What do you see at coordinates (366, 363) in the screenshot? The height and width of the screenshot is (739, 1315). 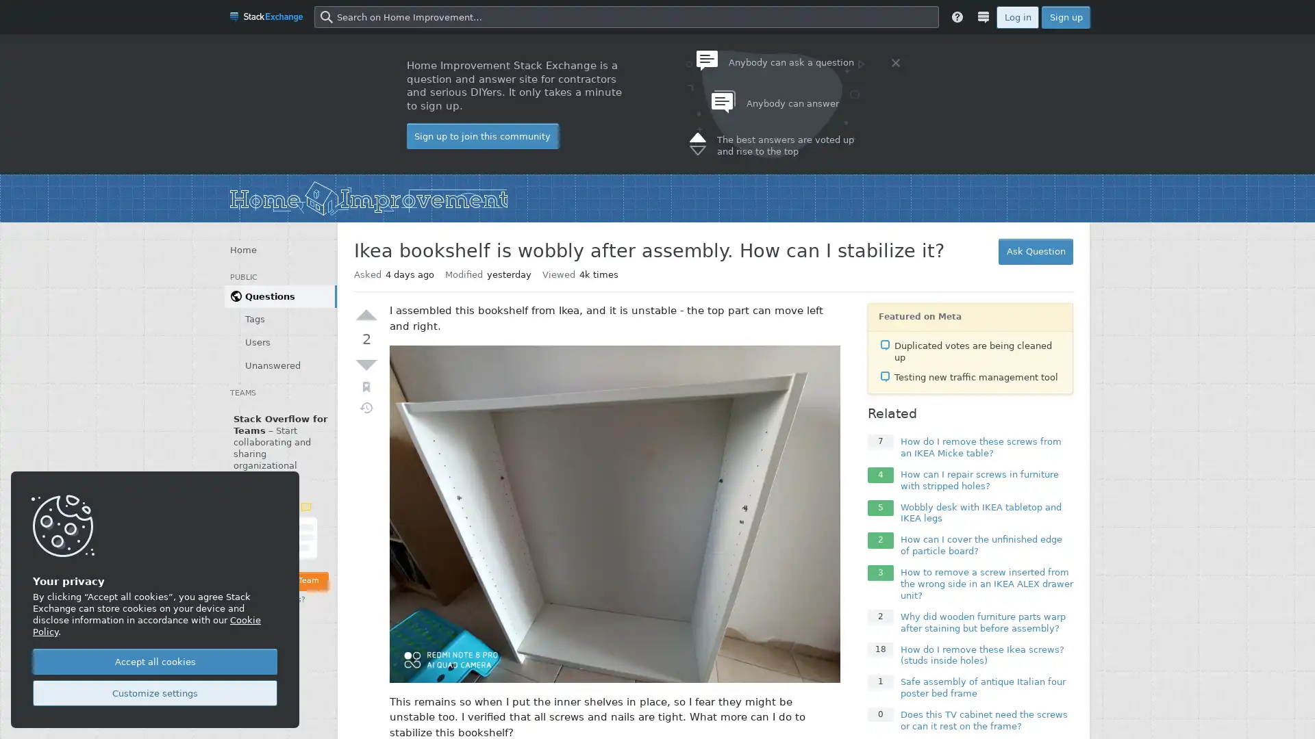 I see `Down vote` at bounding box center [366, 363].